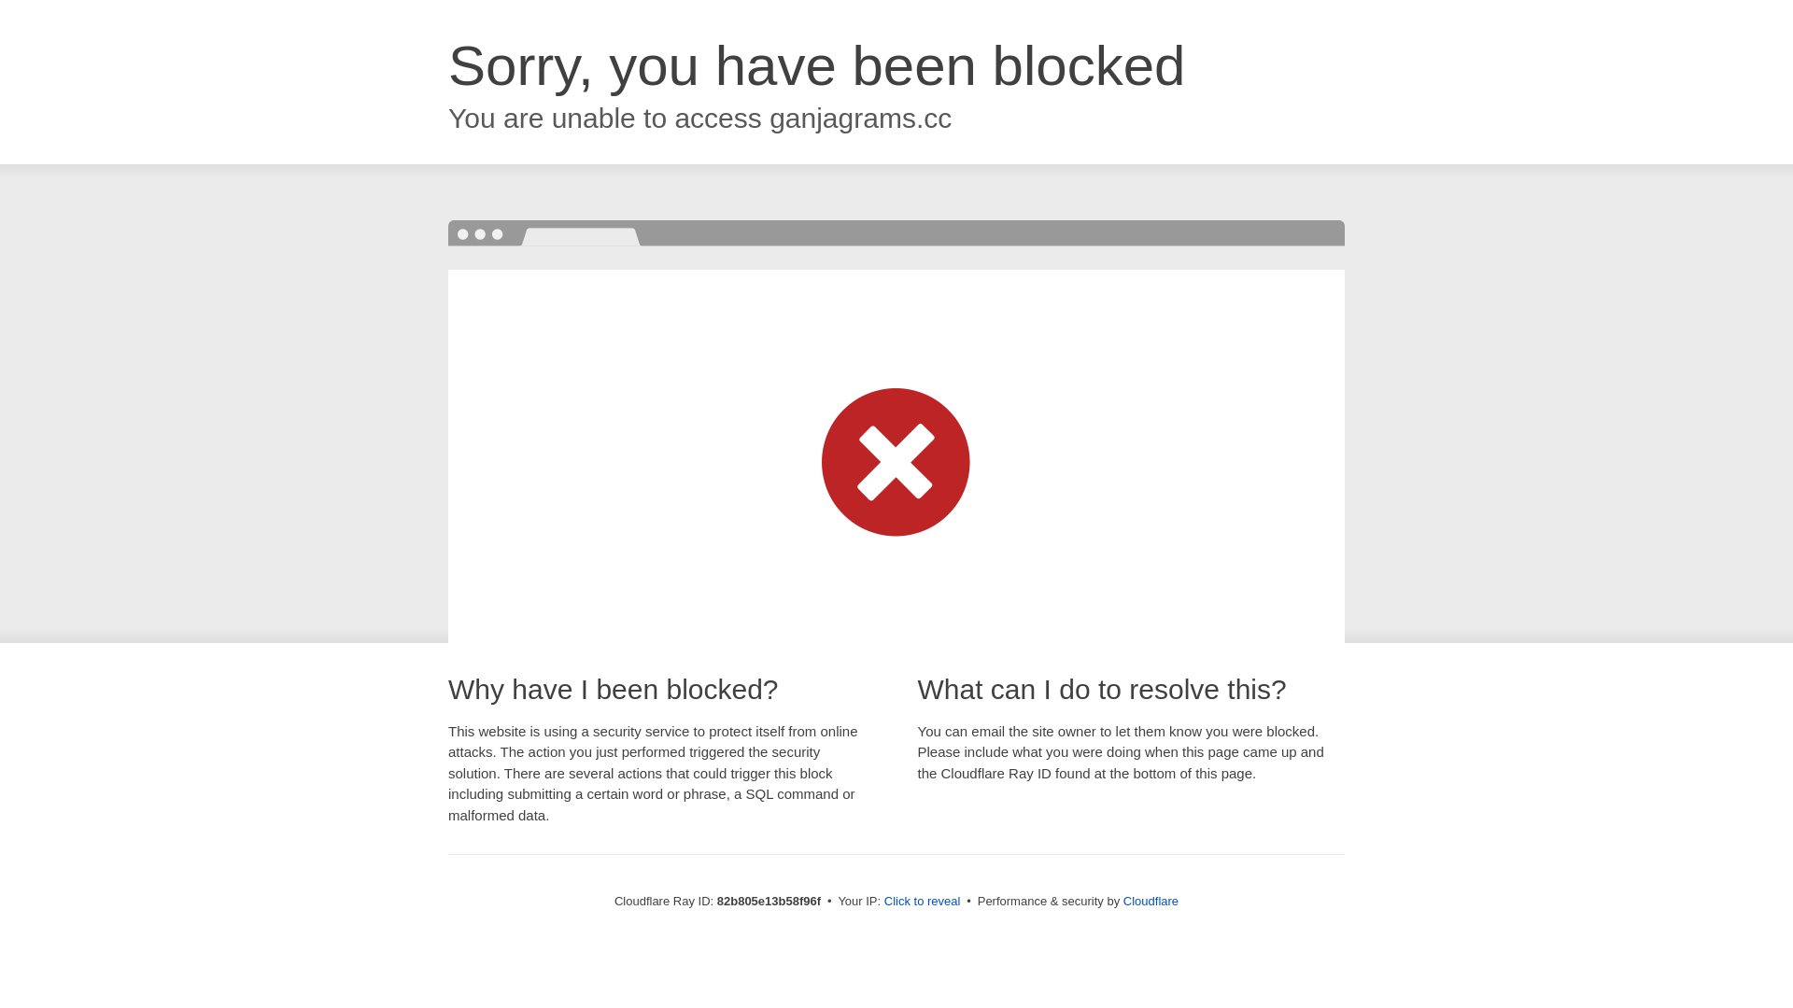 The height and width of the screenshot is (1008, 1793). Describe the element at coordinates (923, 900) in the screenshot. I see `'Click to reveal'` at that location.